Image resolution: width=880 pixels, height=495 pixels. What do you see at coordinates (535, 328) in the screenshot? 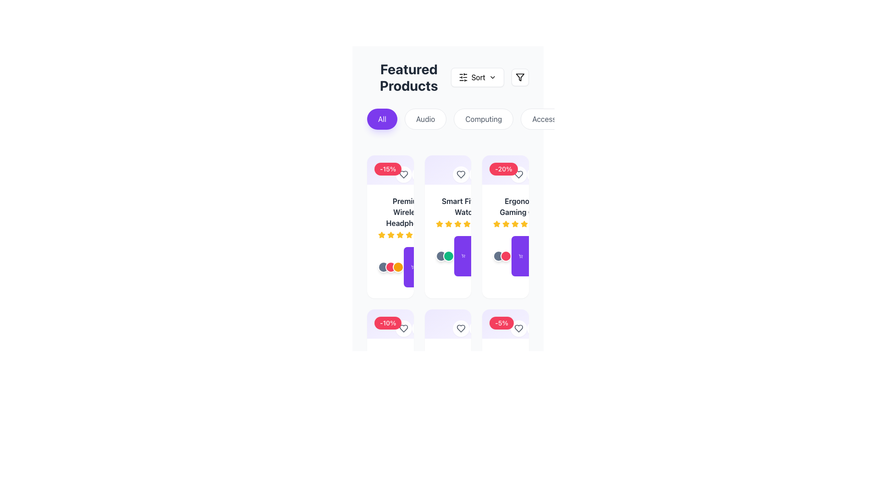
I see `the button located at the bottom-right corner of a product card` at bounding box center [535, 328].